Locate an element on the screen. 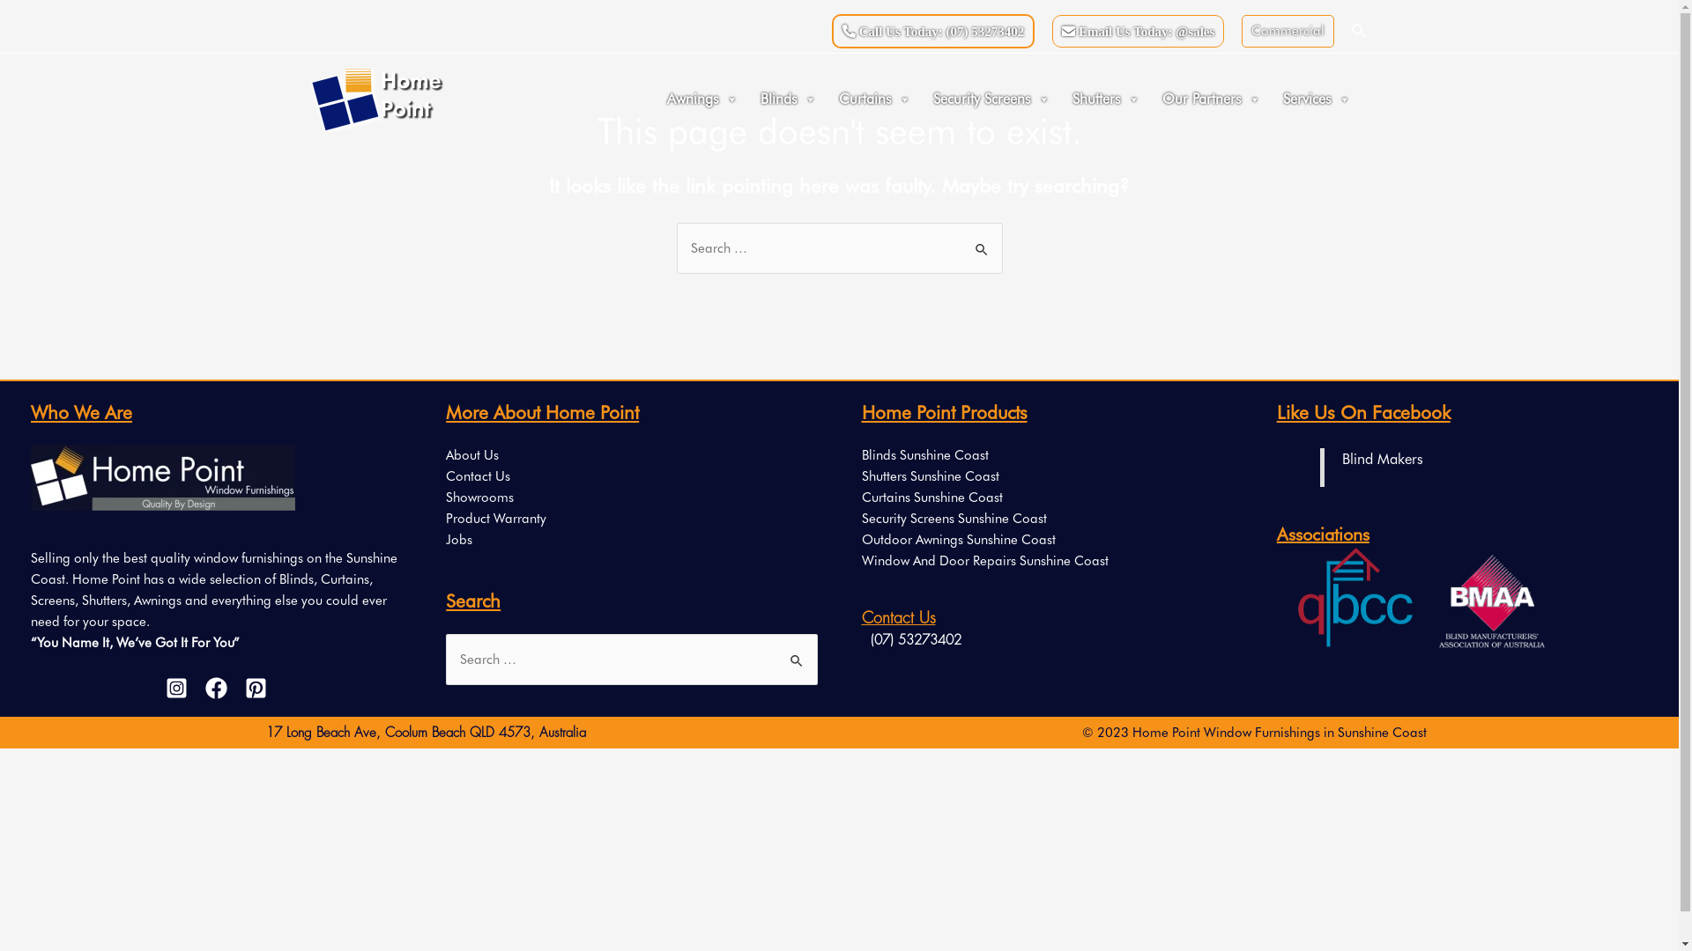 Image resolution: width=1692 pixels, height=951 pixels. 'Services' is located at coordinates (1277, 99).